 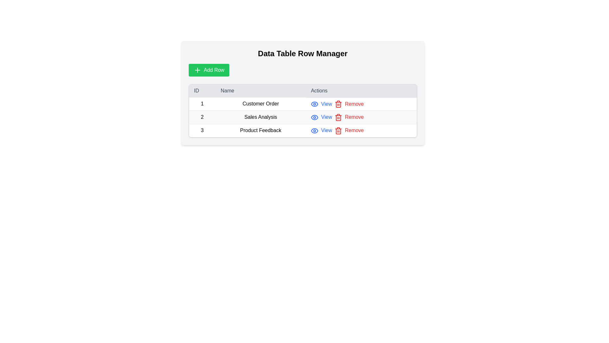 I want to click on the text label that serves as the name or title descriptor for the first record in the data table, positioned in the second column of the first row, between the ID '1' and the 'Actions' options, so click(x=260, y=104).